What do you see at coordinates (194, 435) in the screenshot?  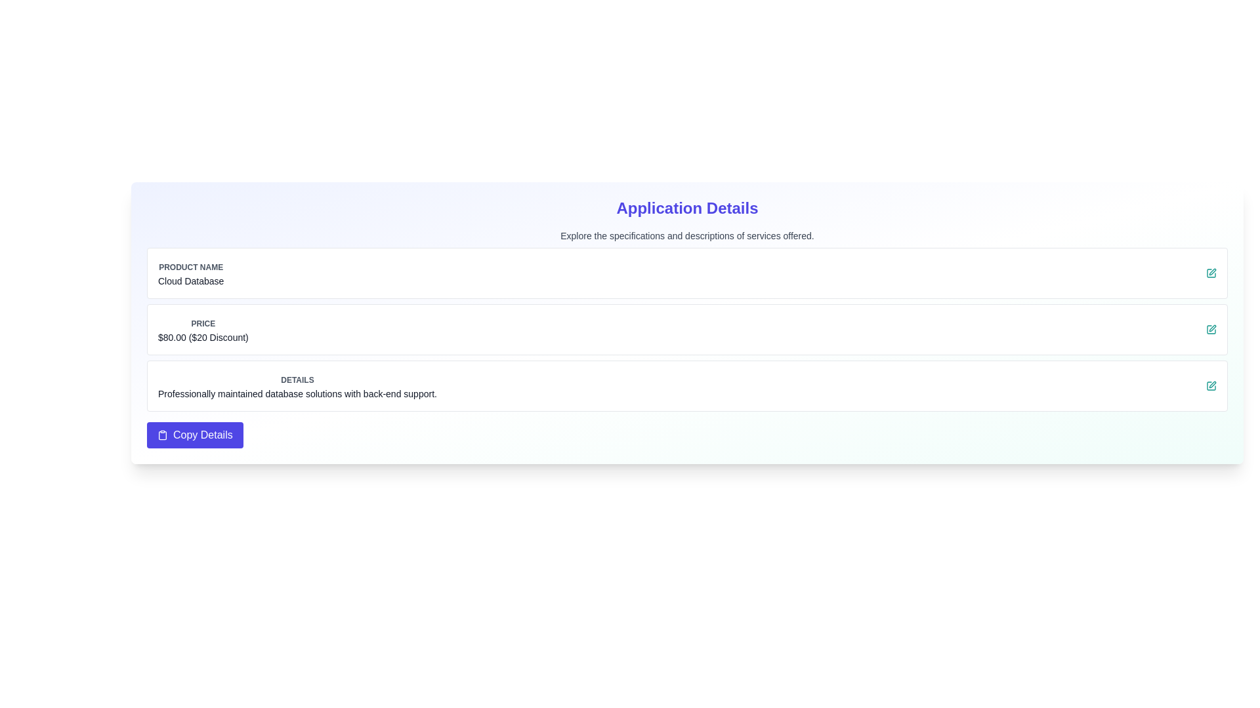 I see `the button located at the bottom left corner of the application details panel` at bounding box center [194, 435].